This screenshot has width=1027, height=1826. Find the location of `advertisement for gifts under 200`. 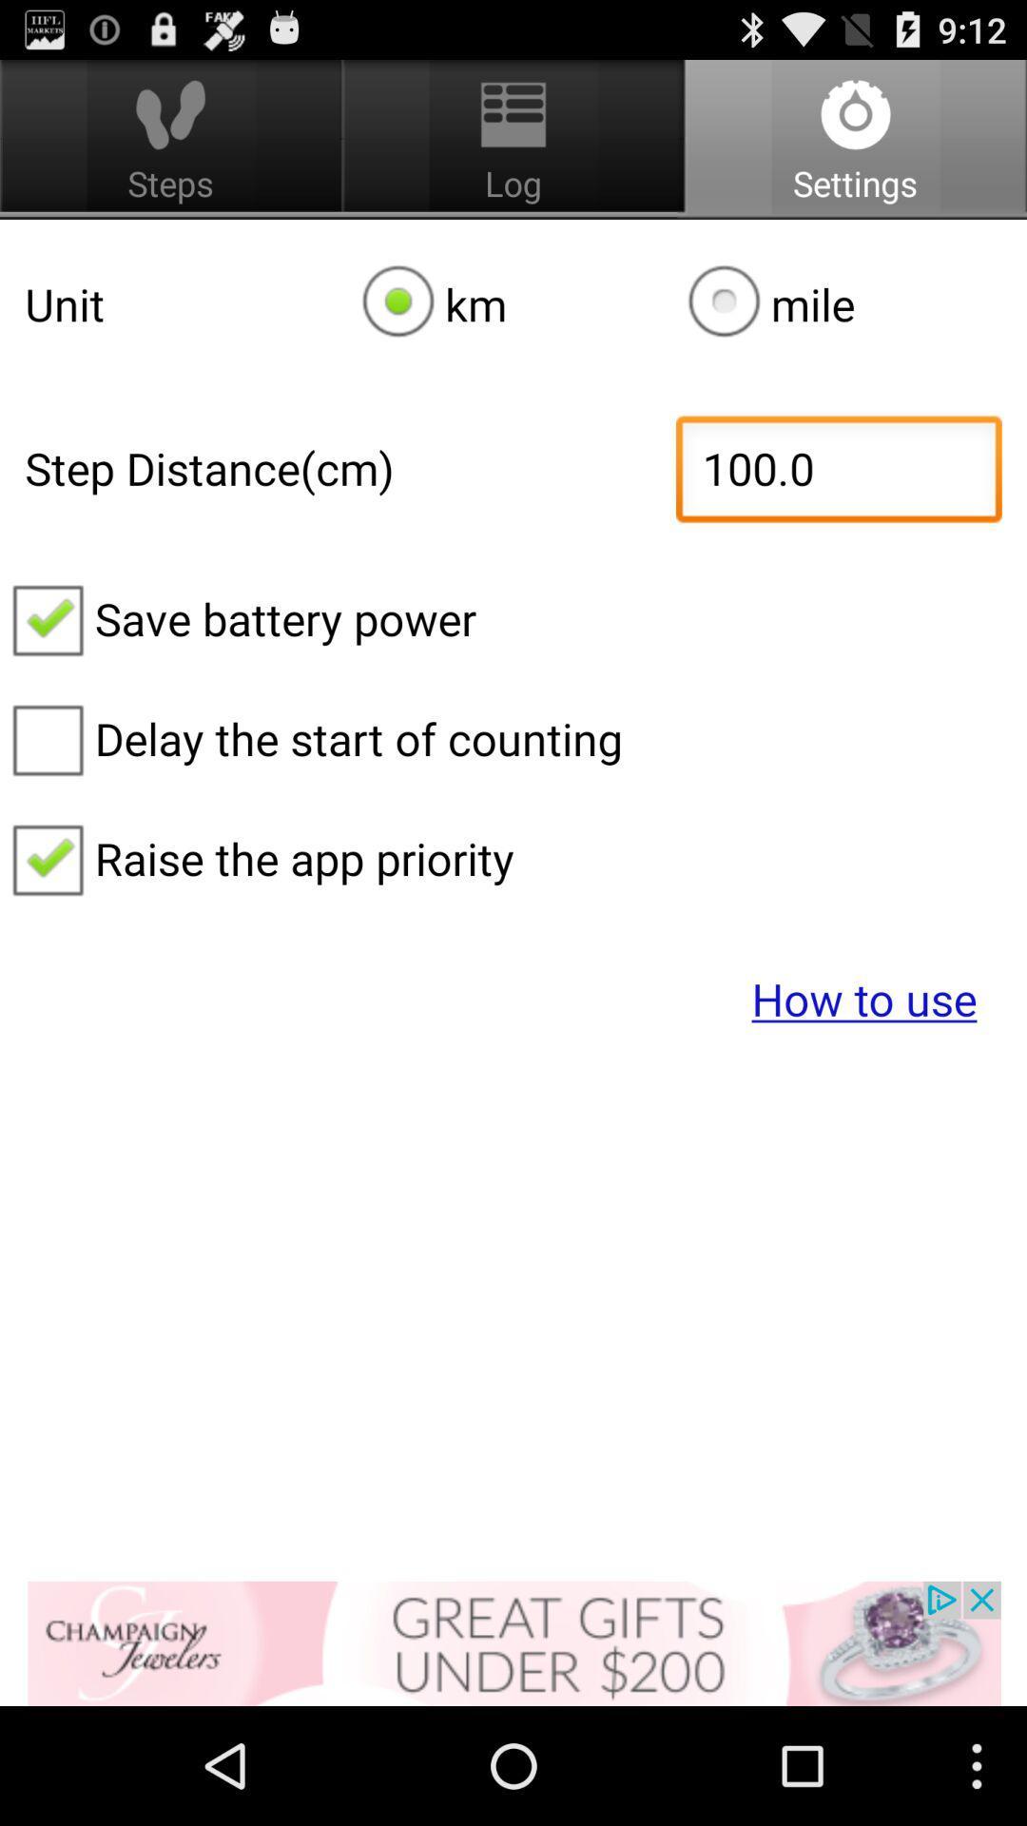

advertisement for gifts under 200 is located at coordinates (513, 1642).